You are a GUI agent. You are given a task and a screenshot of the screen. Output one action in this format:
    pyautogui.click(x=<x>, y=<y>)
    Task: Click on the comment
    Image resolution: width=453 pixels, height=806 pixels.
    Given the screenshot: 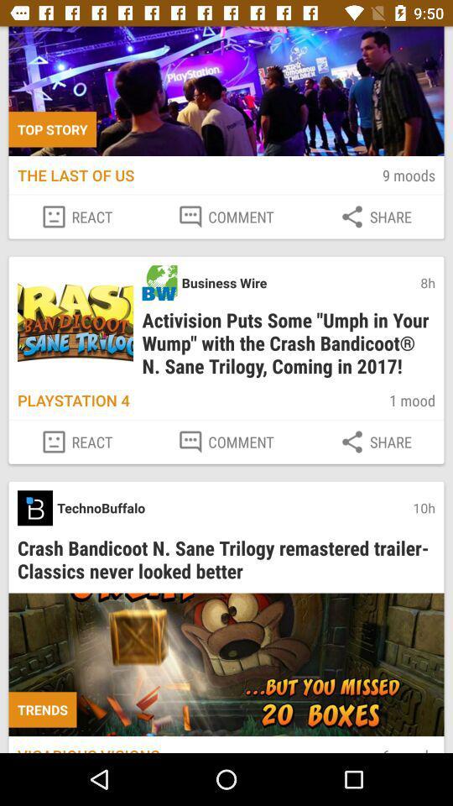 What is the action you would take?
    pyautogui.click(x=226, y=441)
    